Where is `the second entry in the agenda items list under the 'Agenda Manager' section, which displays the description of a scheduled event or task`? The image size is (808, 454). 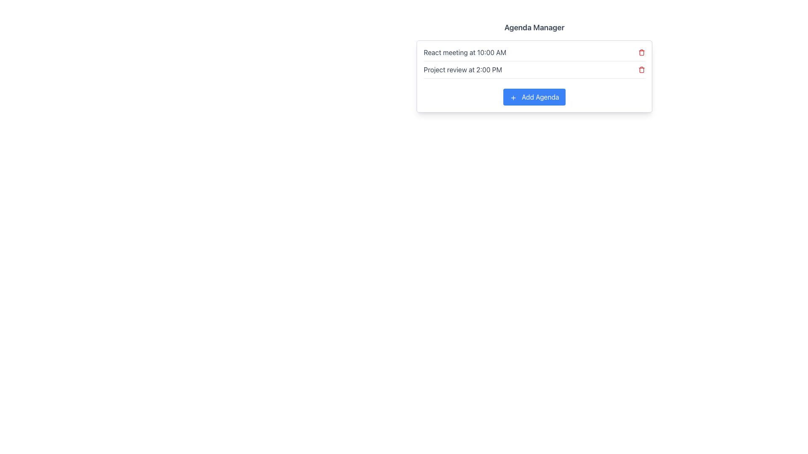 the second entry in the agenda items list under the 'Agenda Manager' section, which displays the description of a scheduled event or task is located at coordinates (534, 71).